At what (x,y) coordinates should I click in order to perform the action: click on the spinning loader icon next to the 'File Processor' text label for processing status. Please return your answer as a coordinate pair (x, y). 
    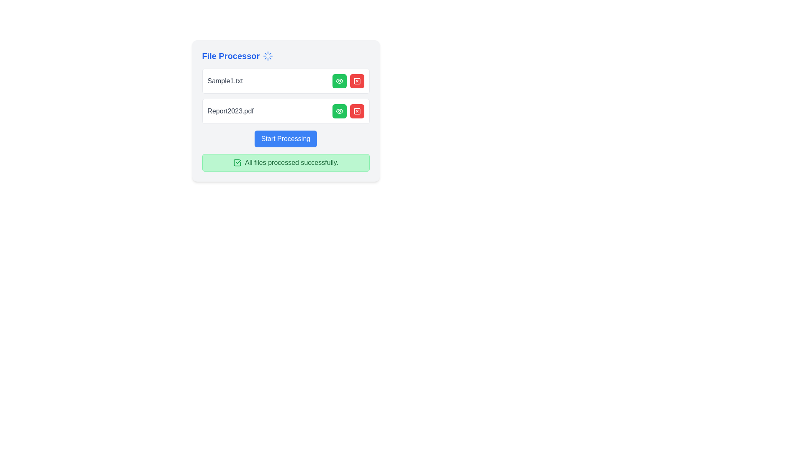
    Looking at the image, I should click on (286, 56).